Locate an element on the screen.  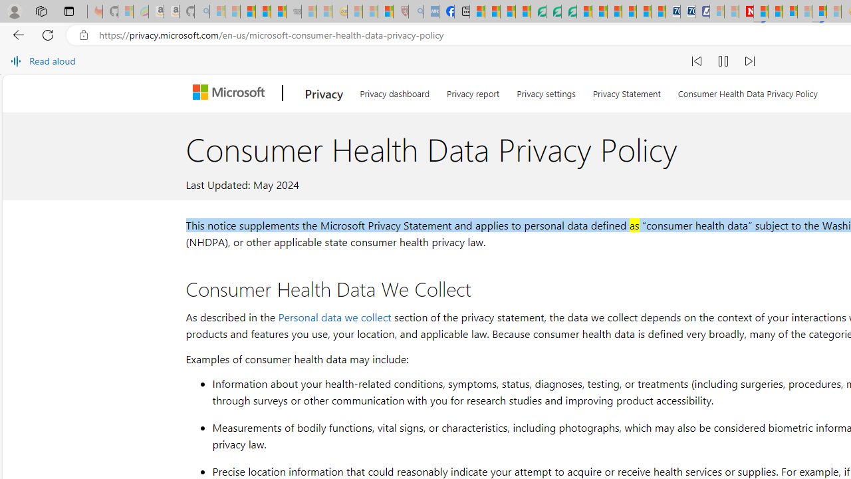
'Privacy dashboard' is located at coordinates (394, 90).